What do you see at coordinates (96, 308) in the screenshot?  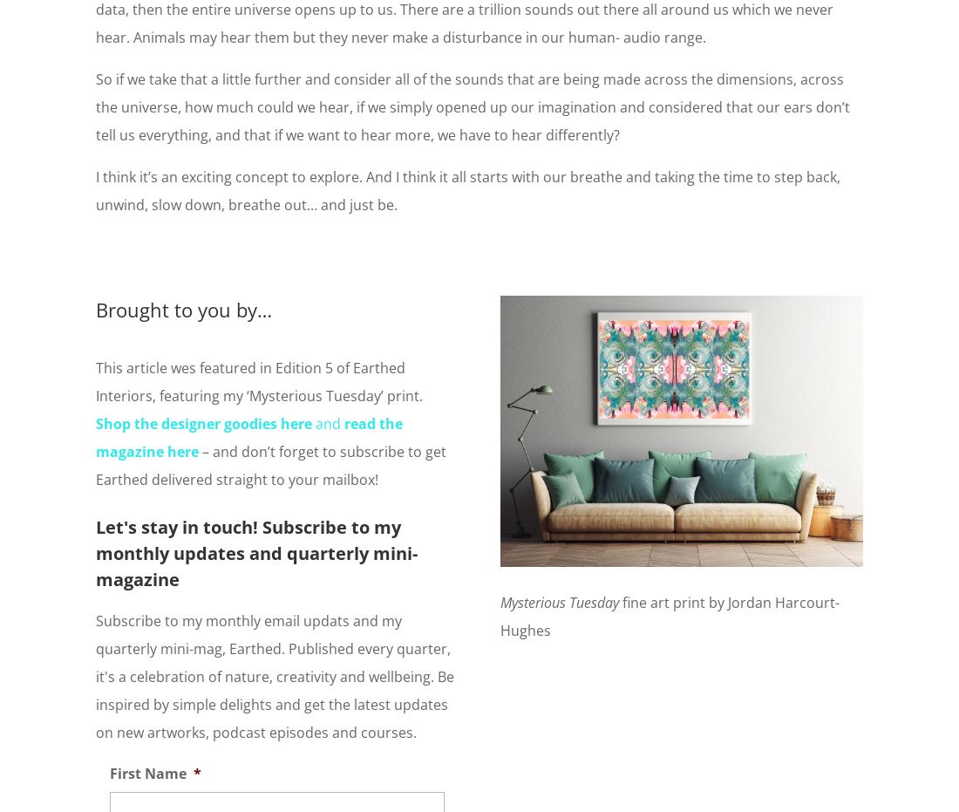 I see `'Brought to you by…'` at bounding box center [96, 308].